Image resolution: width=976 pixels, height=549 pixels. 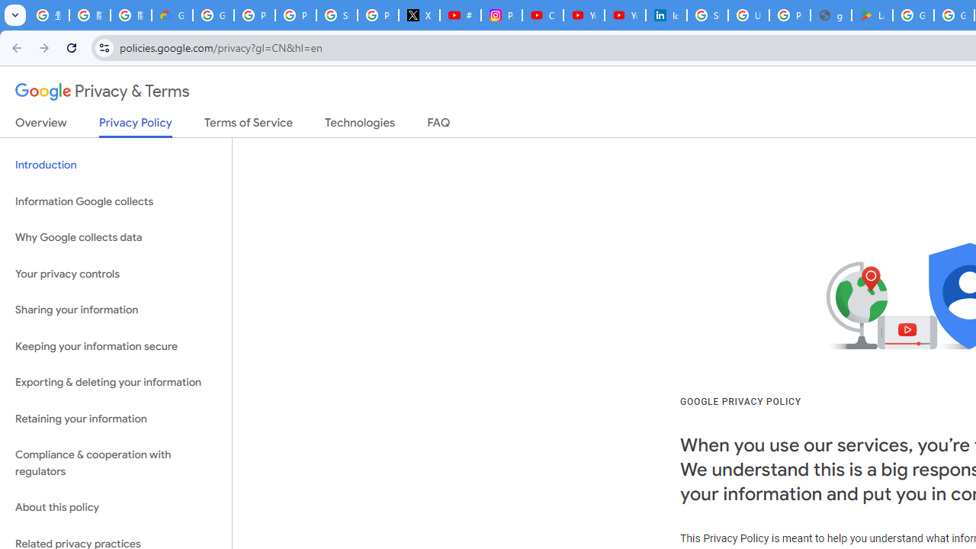 I want to click on 'FAQ', so click(x=438, y=125).